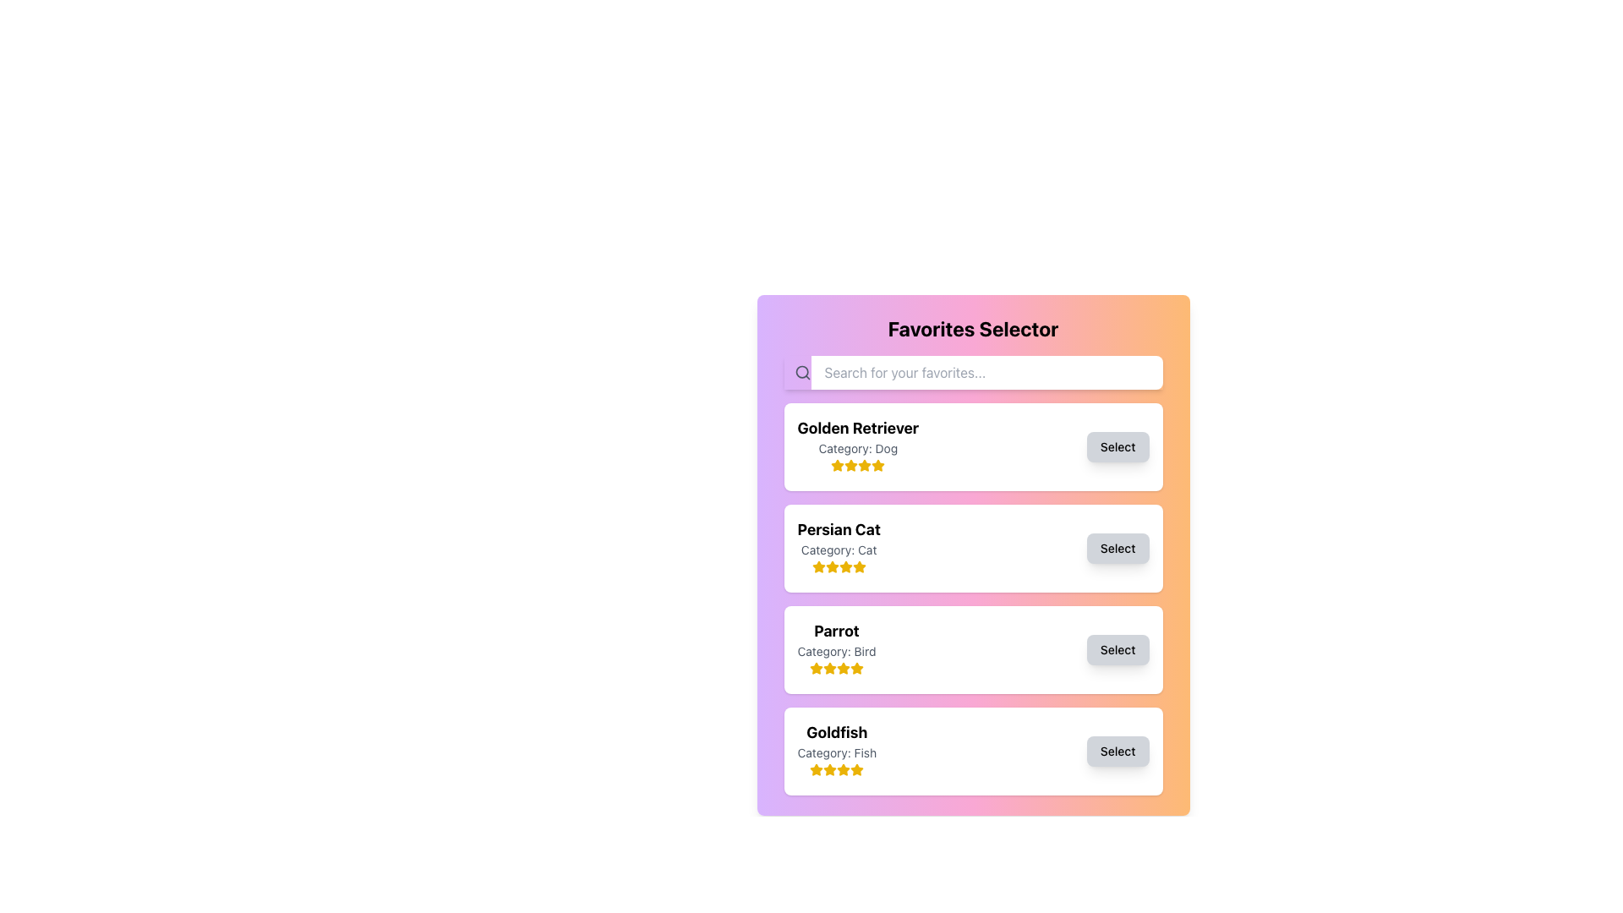 Image resolution: width=1623 pixels, height=913 pixels. Describe the element at coordinates (858, 448) in the screenshot. I see `the text label that categorizes the item 'Golden Retriever' as belonging to the category 'Dog', positioned below the title and above the rating stars` at that location.